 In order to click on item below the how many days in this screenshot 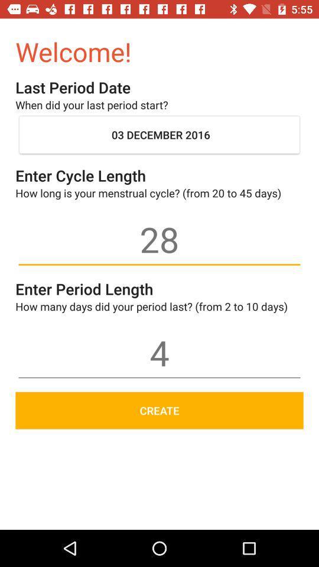, I will do `click(159, 353)`.